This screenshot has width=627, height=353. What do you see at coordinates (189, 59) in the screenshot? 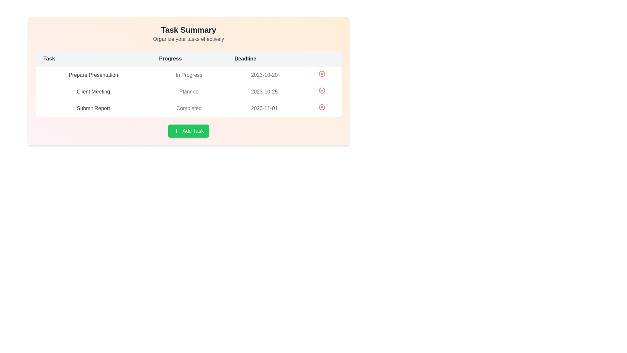
I see `the table header Progress to sort the table by the corresponding column` at bounding box center [189, 59].